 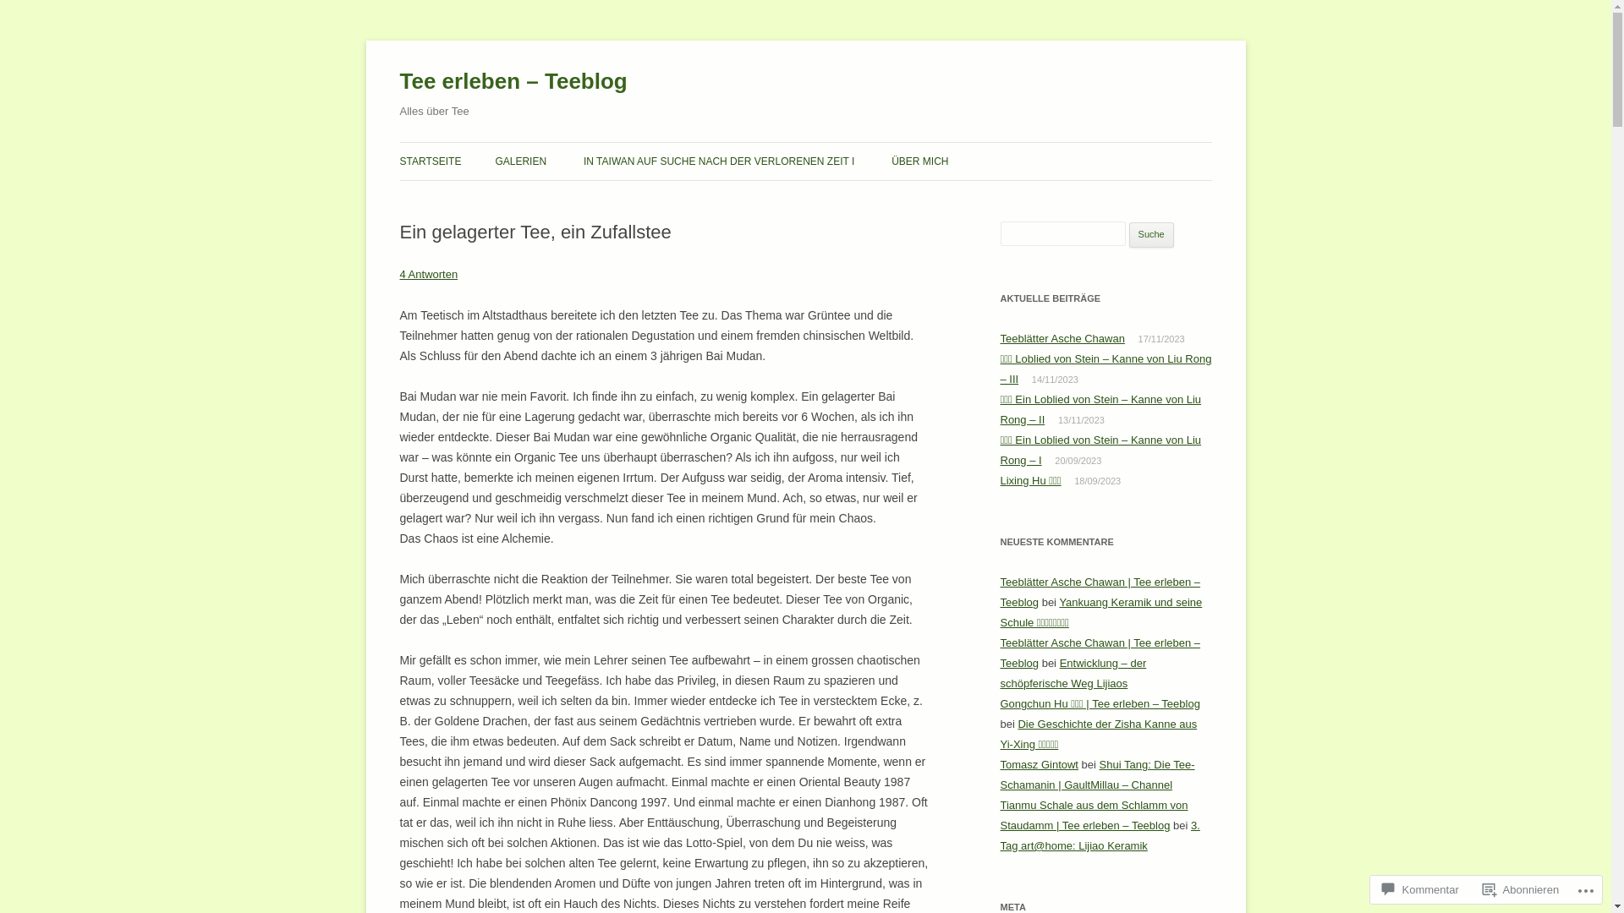 What do you see at coordinates (999, 834) in the screenshot?
I see `'3. Tag art@home: Lijiao Keramik'` at bounding box center [999, 834].